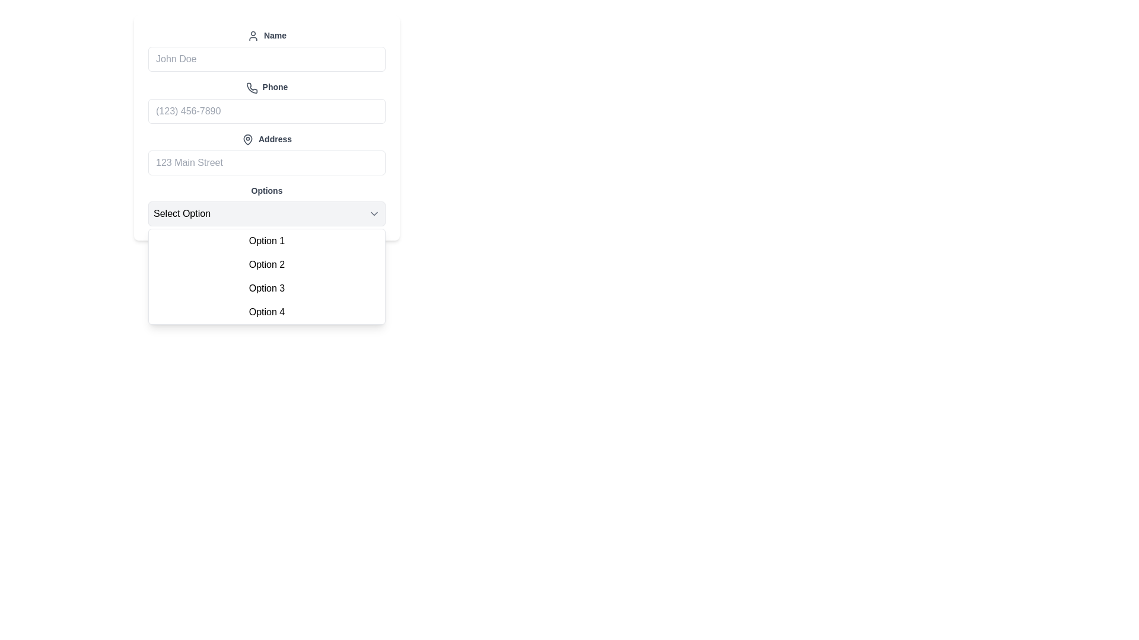 The image size is (1139, 640). Describe the element at coordinates (266, 162) in the screenshot. I see `text from another location into the address input field located below the 'Address' label and above the 'Options' dropdown` at that location.